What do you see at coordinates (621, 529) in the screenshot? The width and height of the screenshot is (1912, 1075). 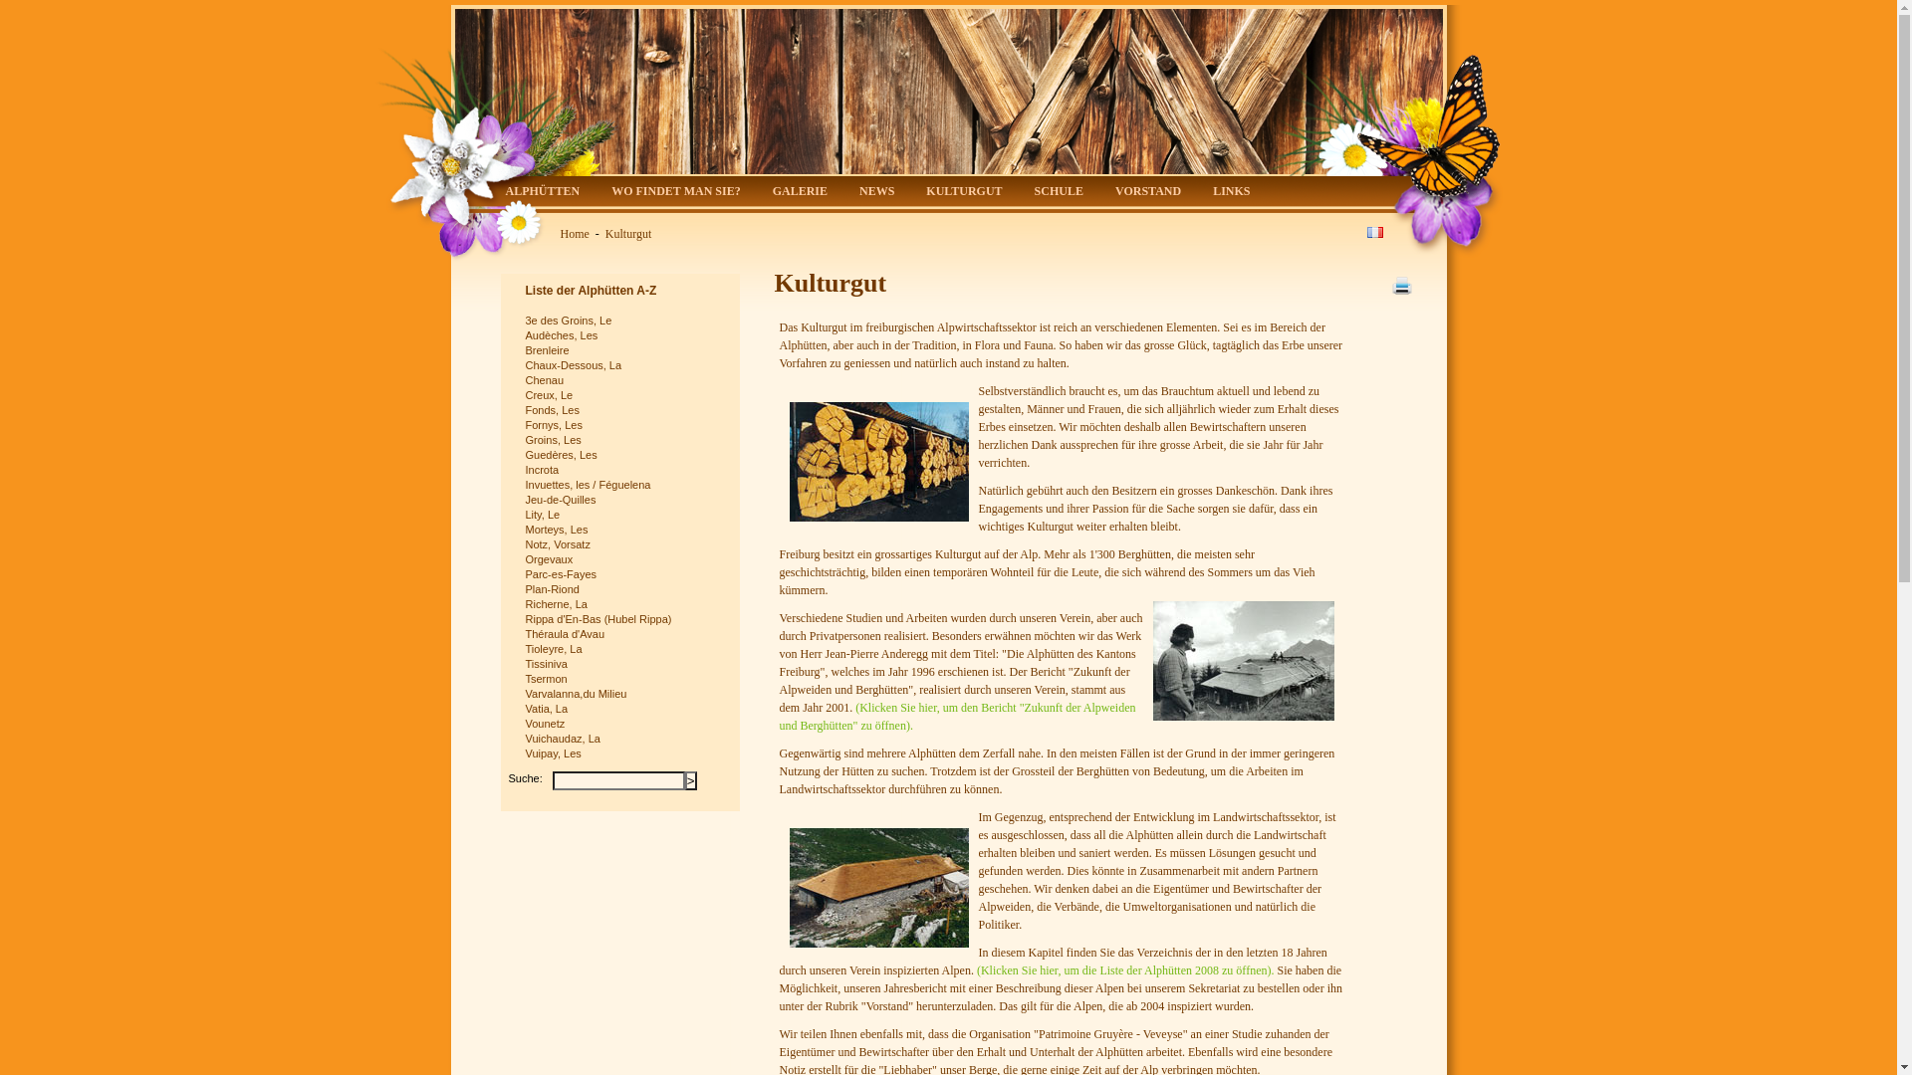 I see `'Morteys, Les'` at bounding box center [621, 529].